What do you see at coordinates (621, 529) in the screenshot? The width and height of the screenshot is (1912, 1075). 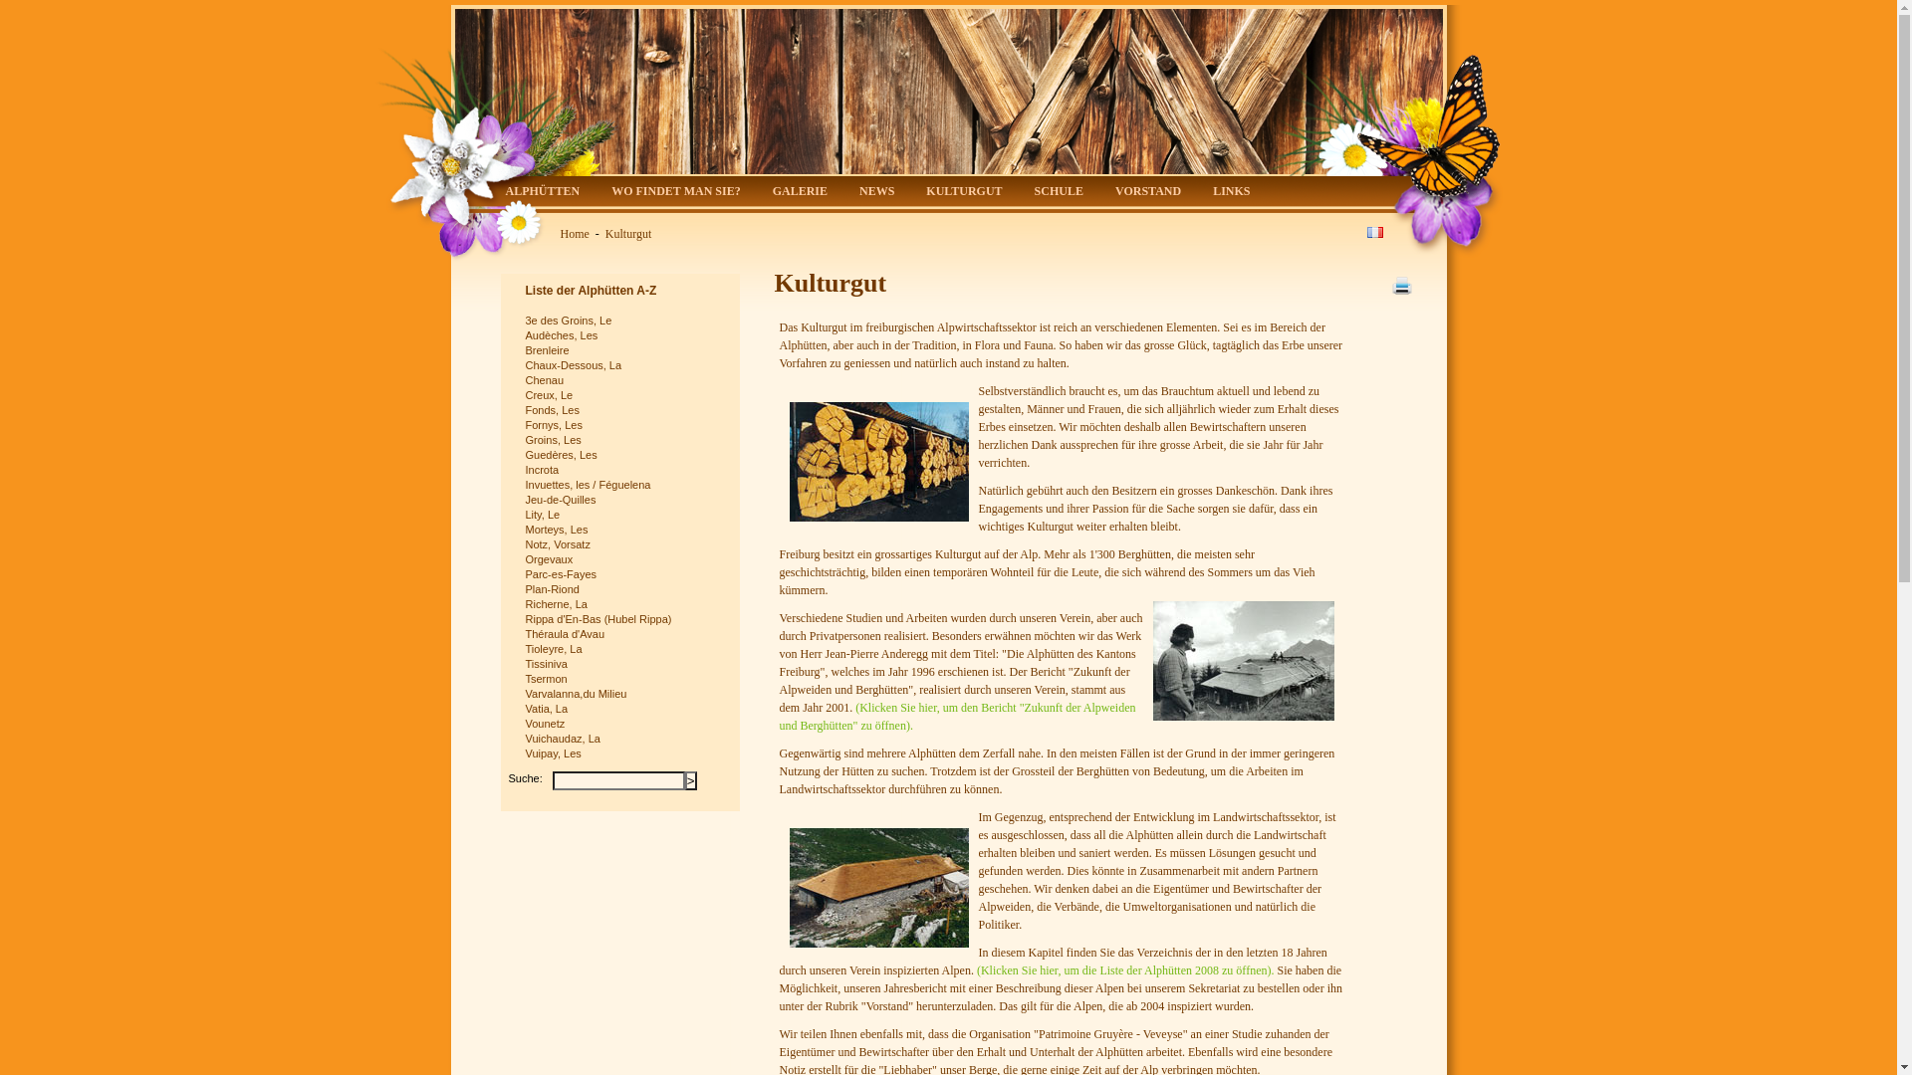 I see `'Morteys, Les'` at bounding box center [621, 529].